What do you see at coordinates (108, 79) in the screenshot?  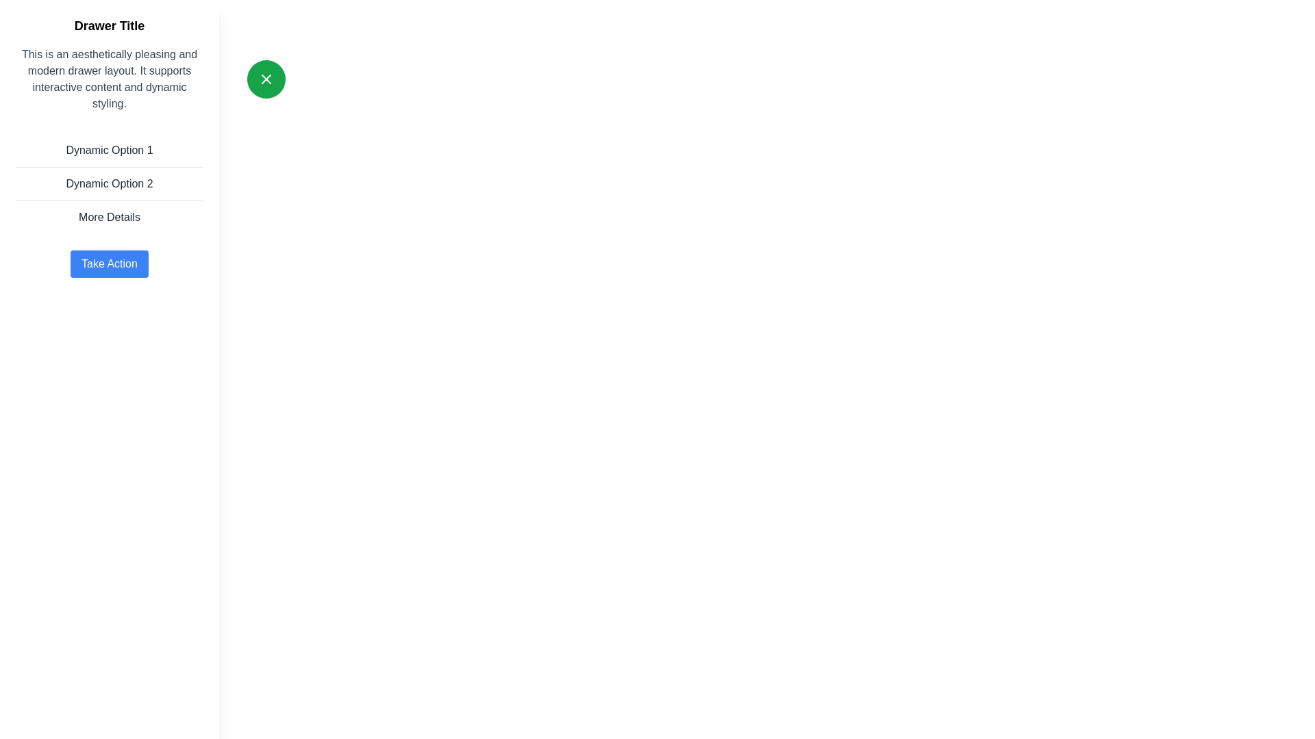 I see `the text area in the drawer and copy its content` at bounding box center [108, 79].